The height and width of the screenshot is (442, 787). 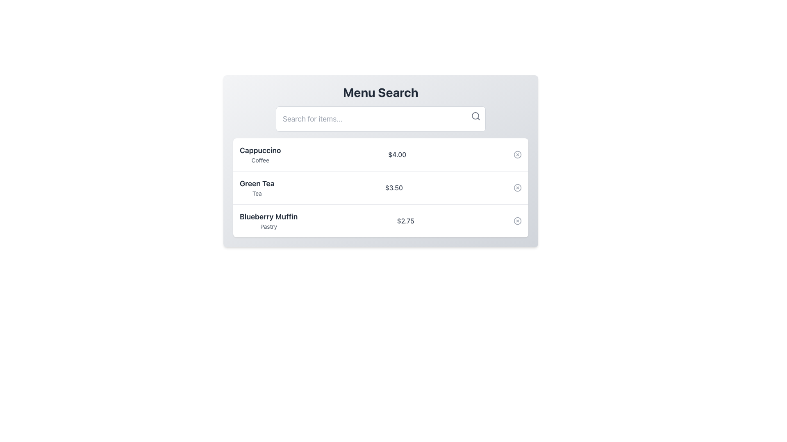 What do you see at coordinates (517, 221) in the screenshot?
I see `the delete icon (circular with a cross inside) located to the far right of the 'Blueberry Muffin' list item in the vertical menu` at bounding box center [517, 221].